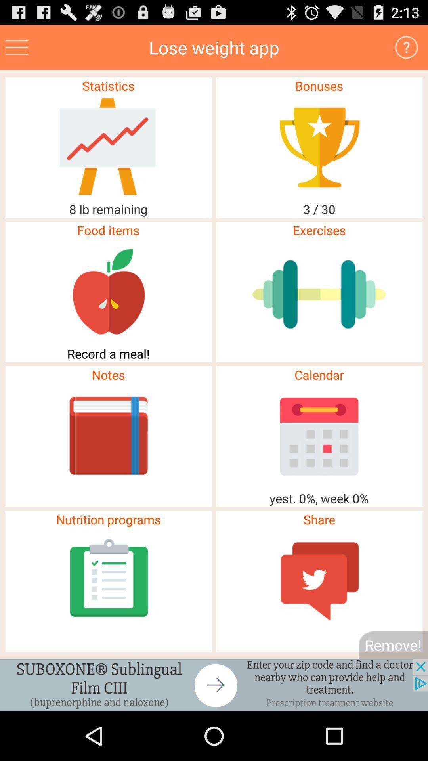 This screenshot has width=428, height=761. Describe the element at coordinates (406, 47) in the screenshot. I see `button` at that location.